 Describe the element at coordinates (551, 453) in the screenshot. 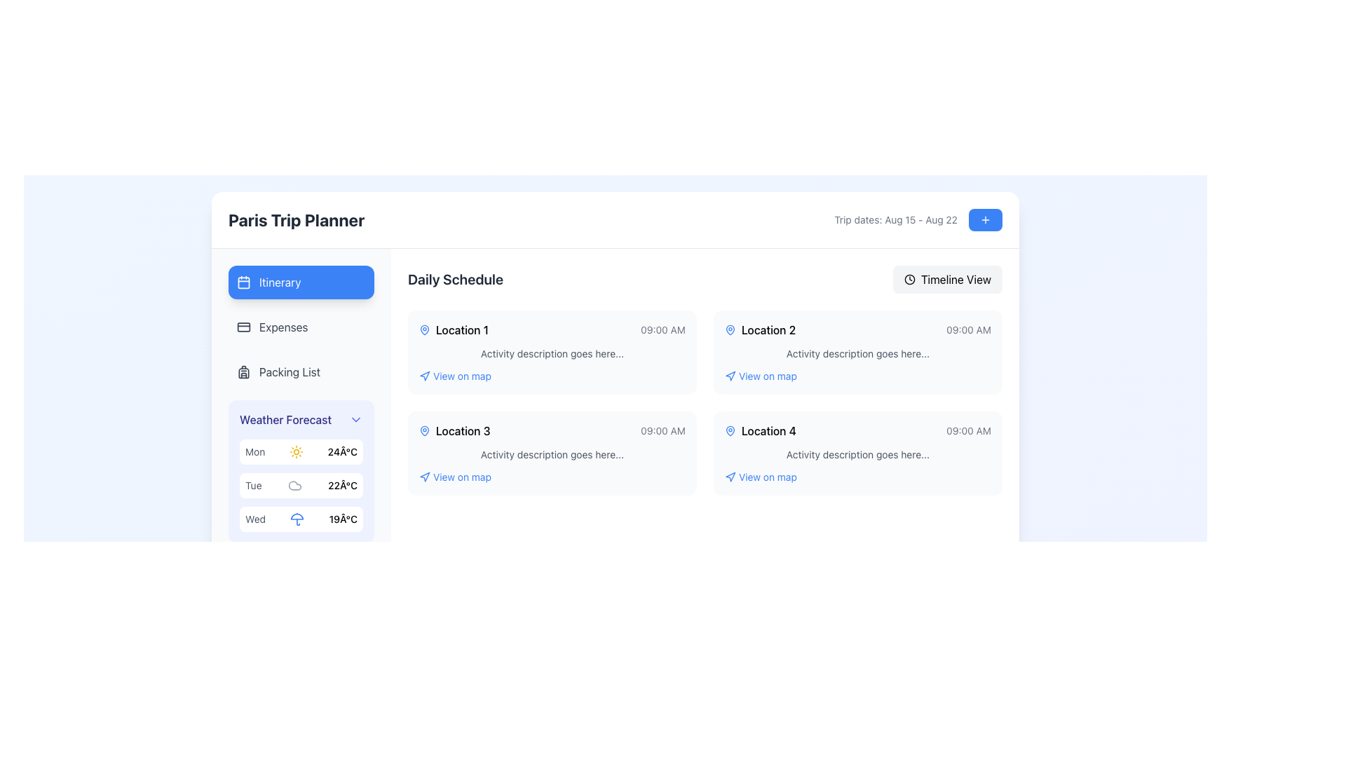

I see `information displayed on the card element for 'Location 3', which is positioned in the second row of a grid of four cards, specifically located on the left side below 'Location 1'` at that location.